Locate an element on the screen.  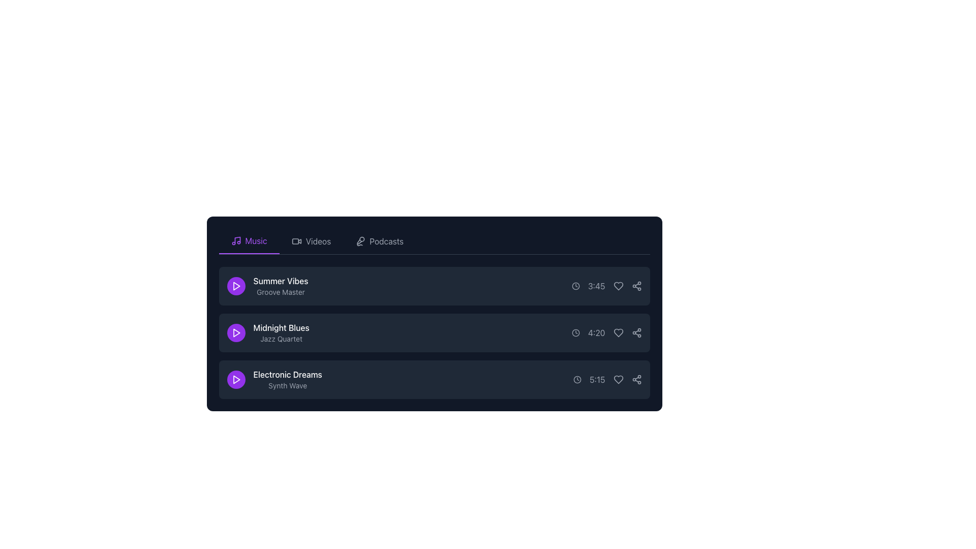
the 'like' button icon in the 'Electronic Dreams' music track row is located at coordinates (618, 380).